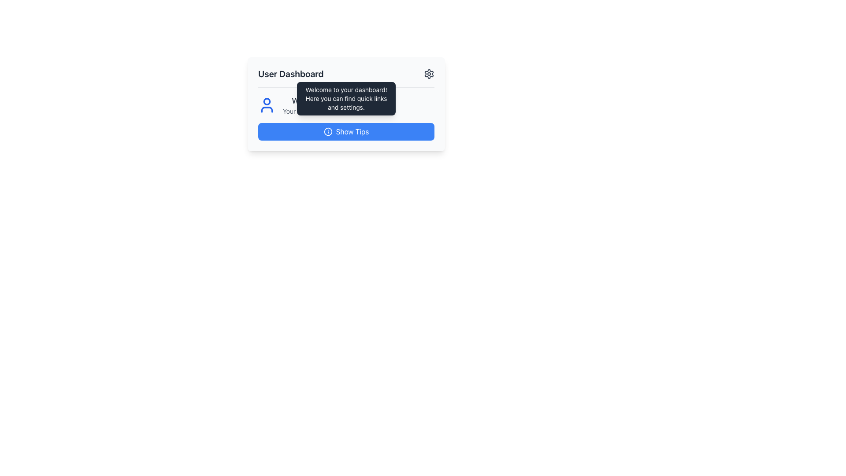  What do you see at coordinates (266, 101) in the screenshot?
I see `the circular icon element within the user profile icon, which is located to the left of the text 'Your Dashboard'` at bounding box center [266, 101].